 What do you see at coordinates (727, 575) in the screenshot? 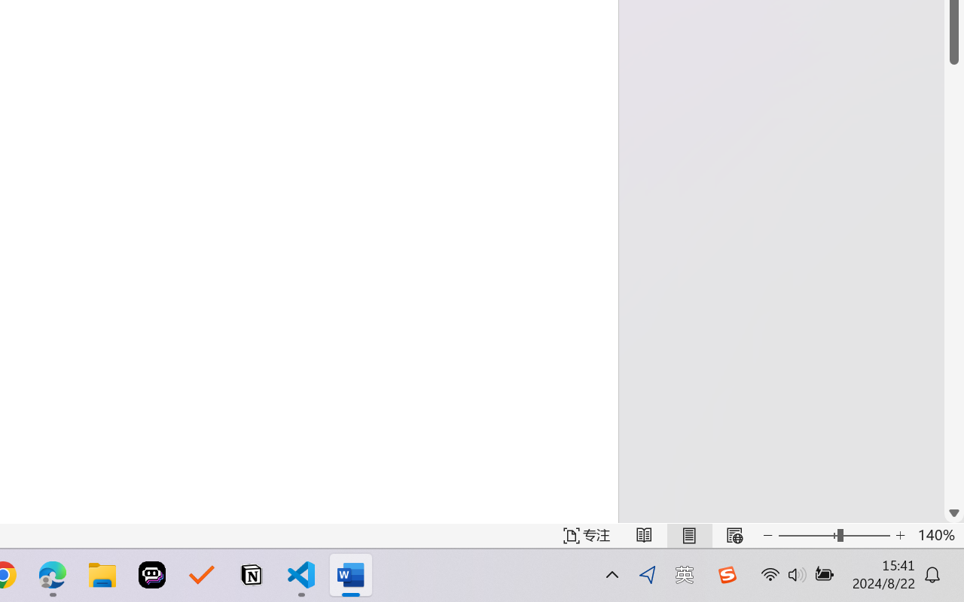
I see `'Class: Image'` at bounding box center [727, 575].